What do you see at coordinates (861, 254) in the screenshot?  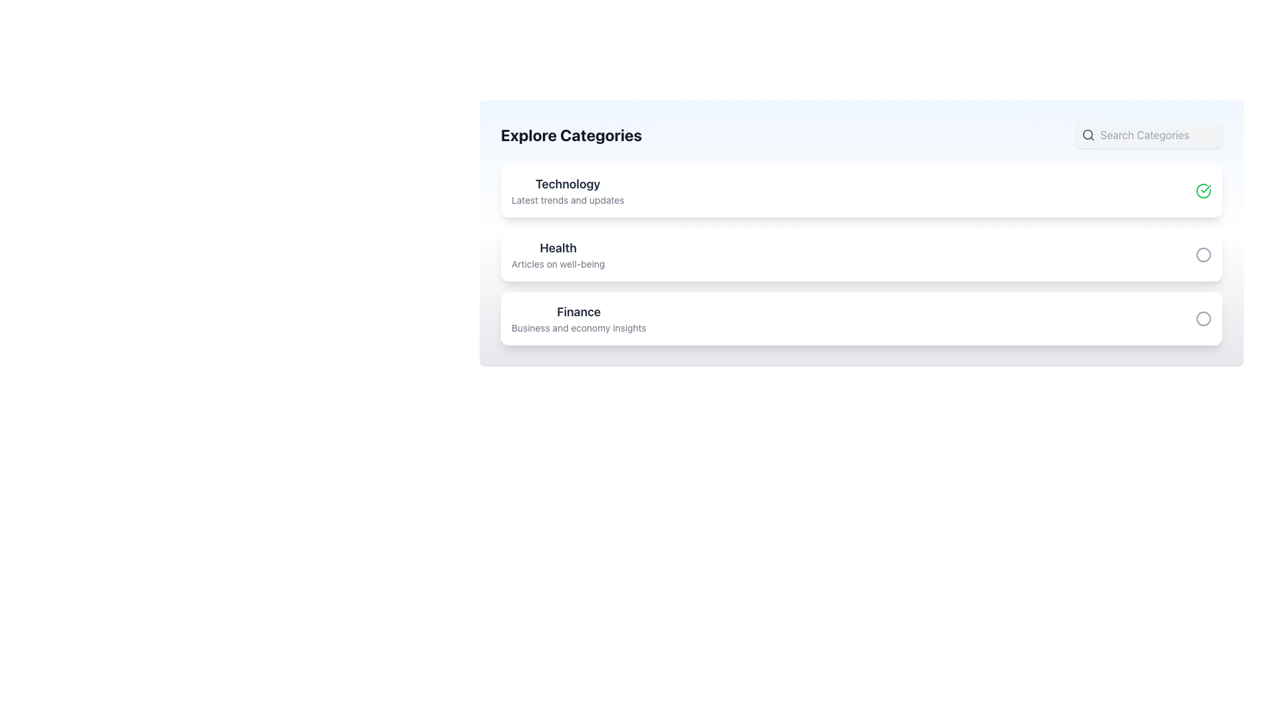 I see `the 'Health' category list item` at bounding box center [861, 254].